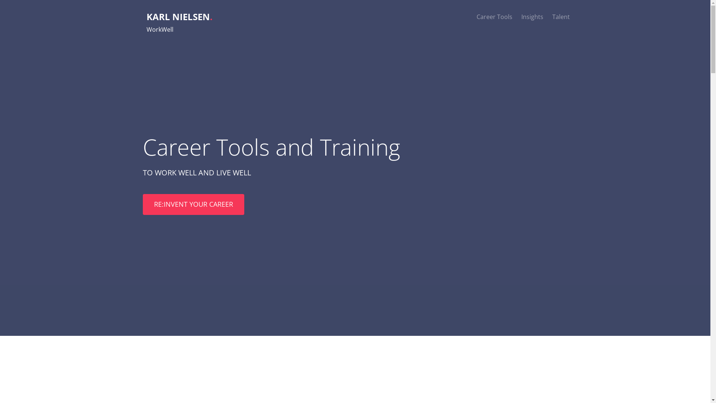 This screenshot has width=716, height=403. Describe the element at coordinates (494, 17) in the screenshot. I see `'Career Tools'` at that location.